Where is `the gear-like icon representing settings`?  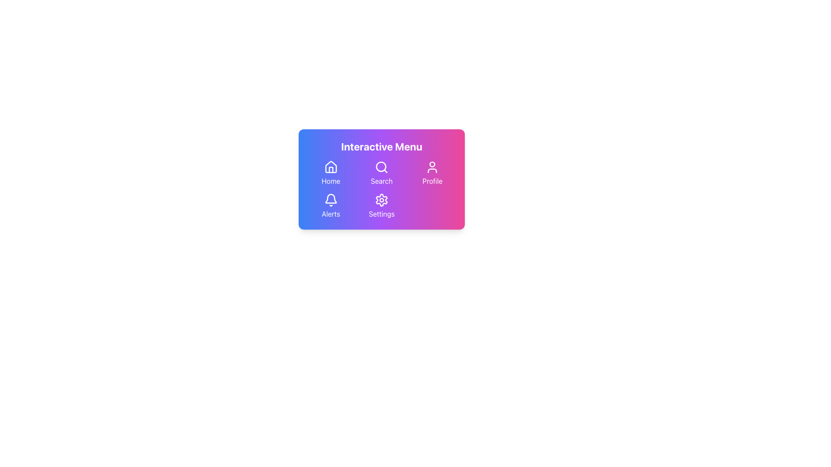
the gear-like icon representing settings is located at coordinates (381, 200).